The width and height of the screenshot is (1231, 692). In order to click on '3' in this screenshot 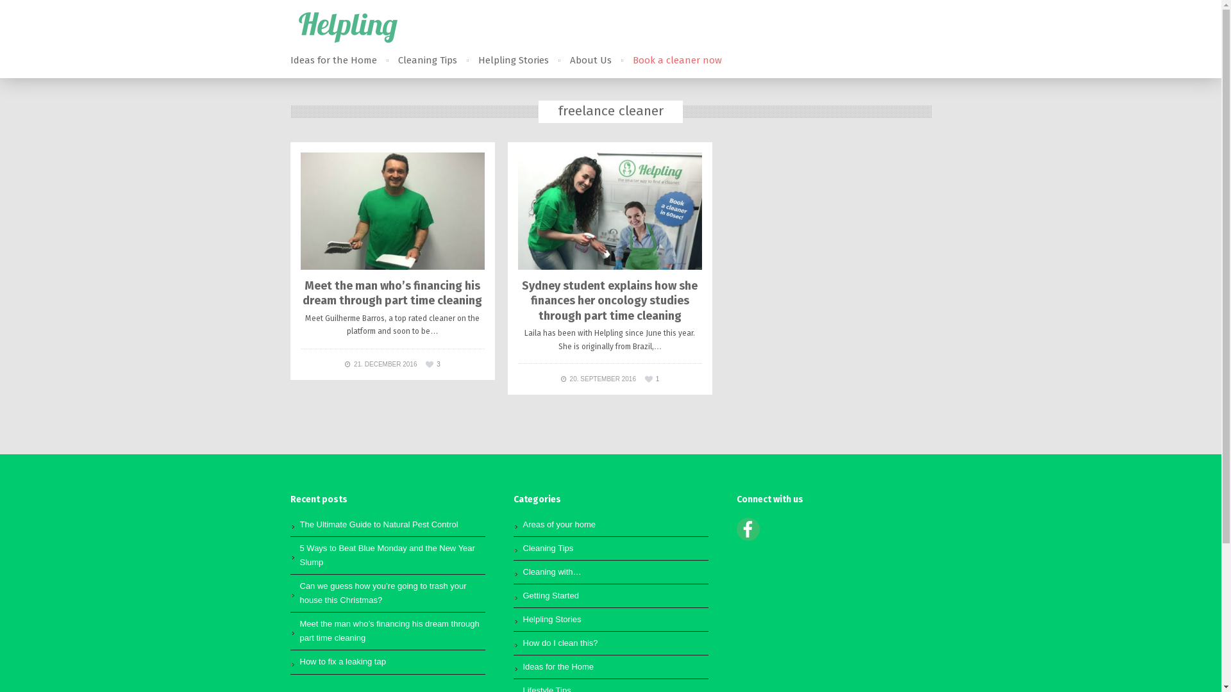, I will do `click(433, 364)`.